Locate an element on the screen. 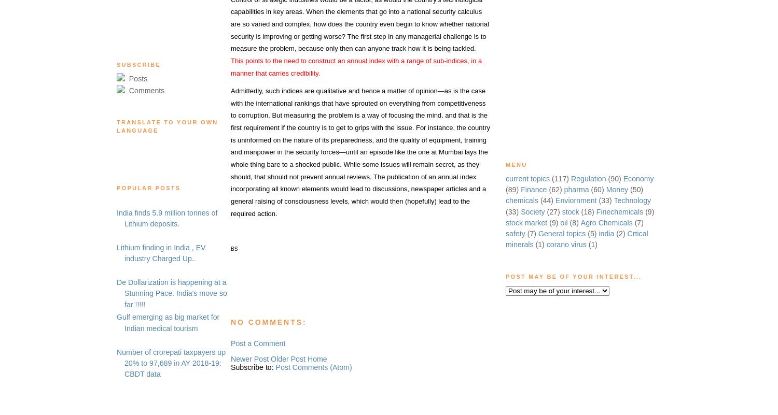  'pharma' is located at coordinates (576, 189).